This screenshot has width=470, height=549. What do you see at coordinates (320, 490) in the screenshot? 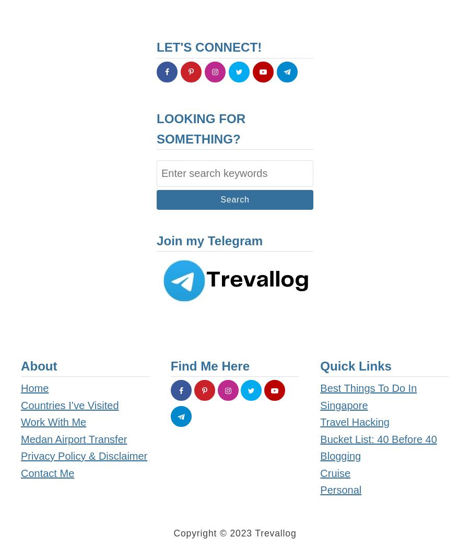
I see `'Personal'` at bounding box center [320, 490].